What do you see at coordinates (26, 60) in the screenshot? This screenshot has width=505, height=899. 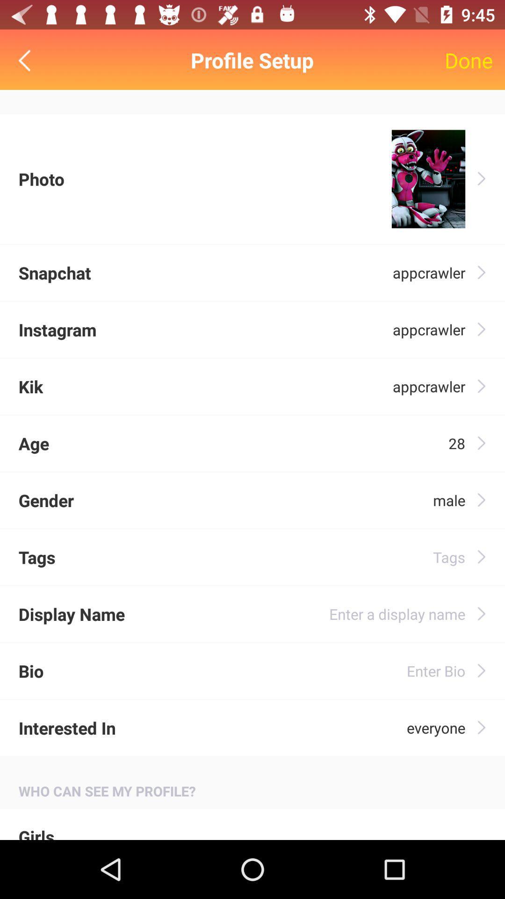 I see `go back` at bounding box center [26, 60].